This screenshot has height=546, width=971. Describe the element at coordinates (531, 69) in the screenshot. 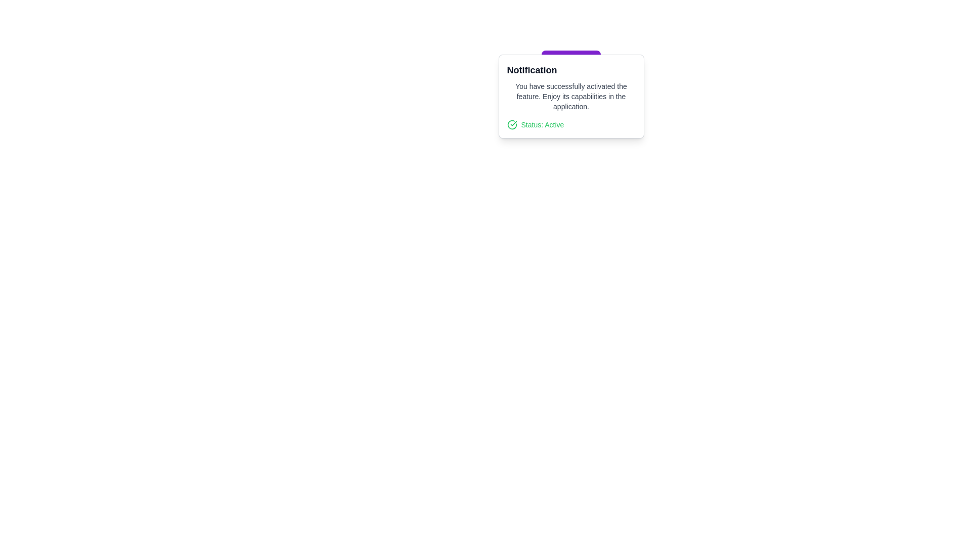

I see `text label at the top of the notification card, which serves as the header indicating the type or purpose of the notification` at that location.